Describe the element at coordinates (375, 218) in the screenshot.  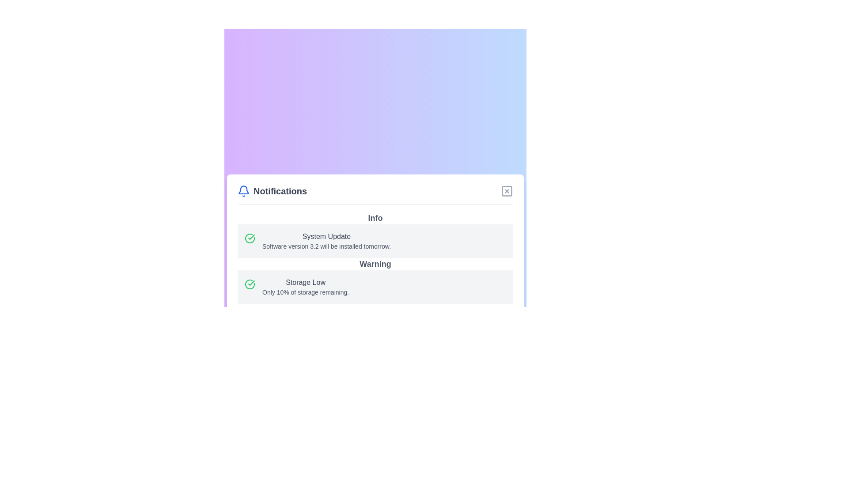
I see `the 'Info' text label, which is displayed in bold, medium-large gray font on a white background at the top of a notification card` at that location.